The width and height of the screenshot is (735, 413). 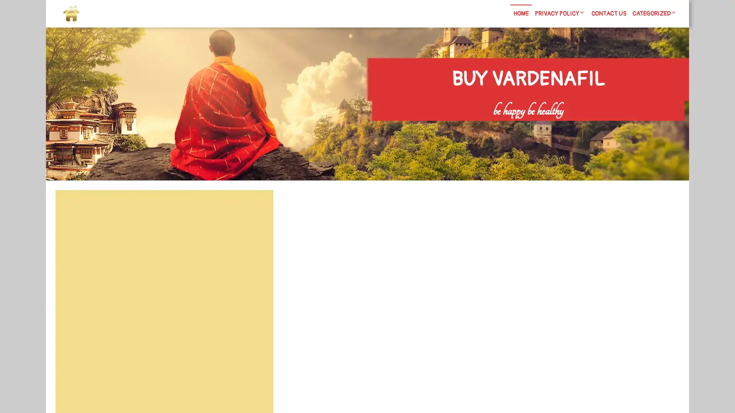 I want to click on Search, so click(x=596, y=125).